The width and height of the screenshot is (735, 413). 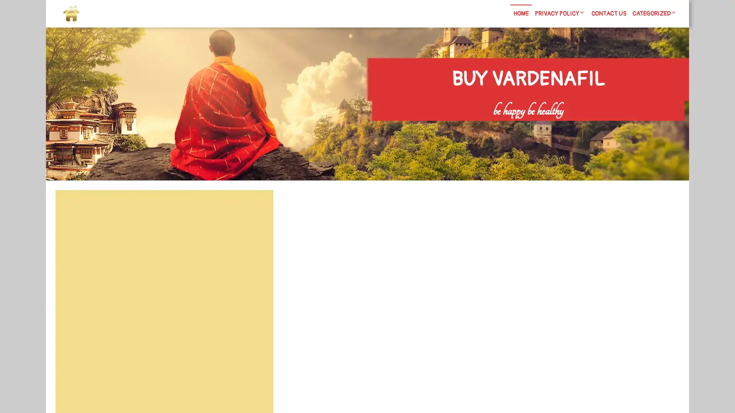 I want to click on Search, so click(x=596, y=125).